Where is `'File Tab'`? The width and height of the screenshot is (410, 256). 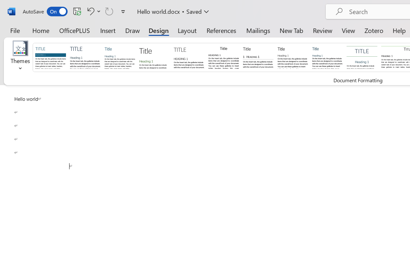 'File Tab' is located at coordinates (15, 30).